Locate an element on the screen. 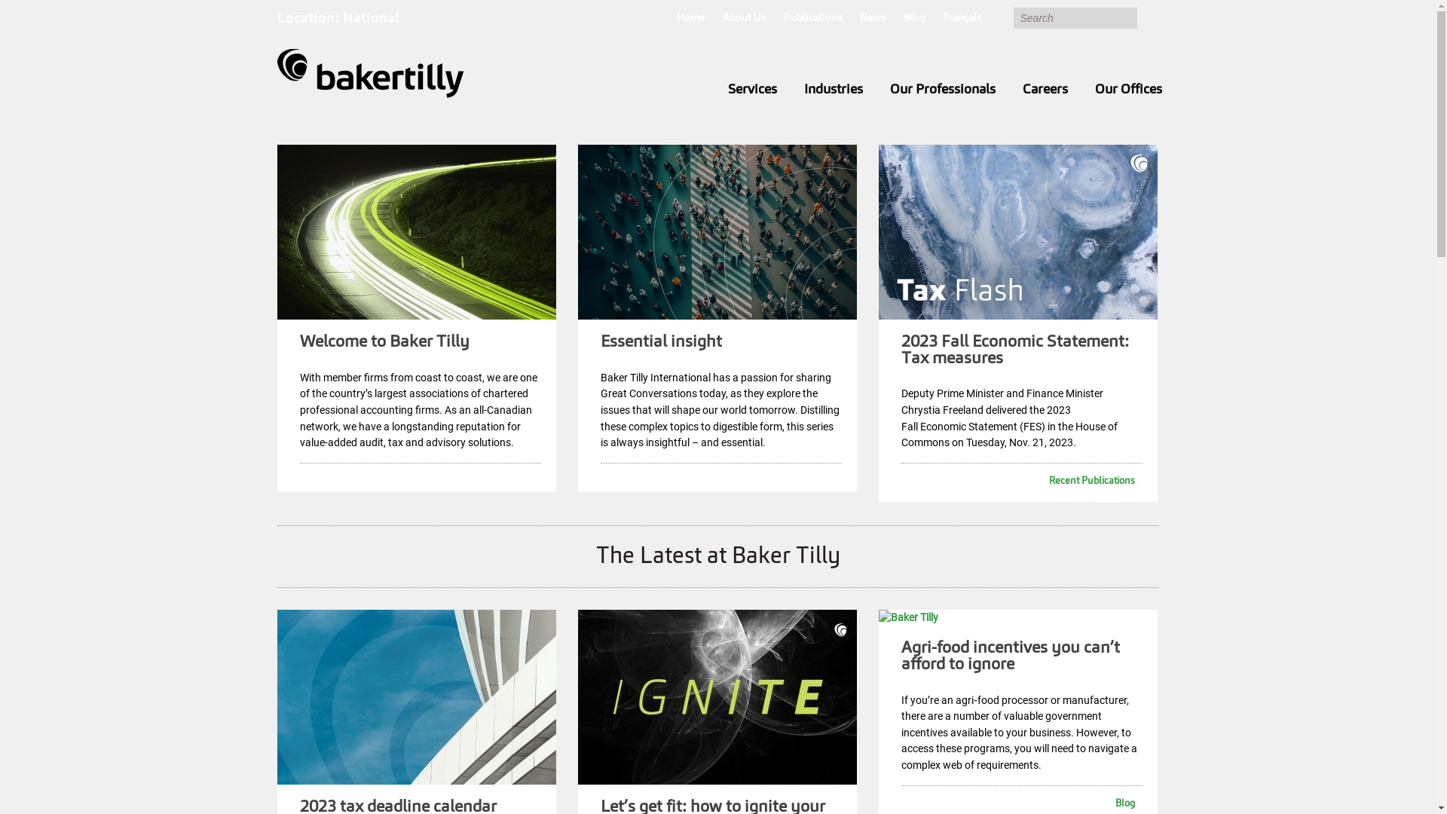 Image resolution: width=1447 pixels, height=814 pixels. 'Our Professionals' is located at coordinates (941, 90).